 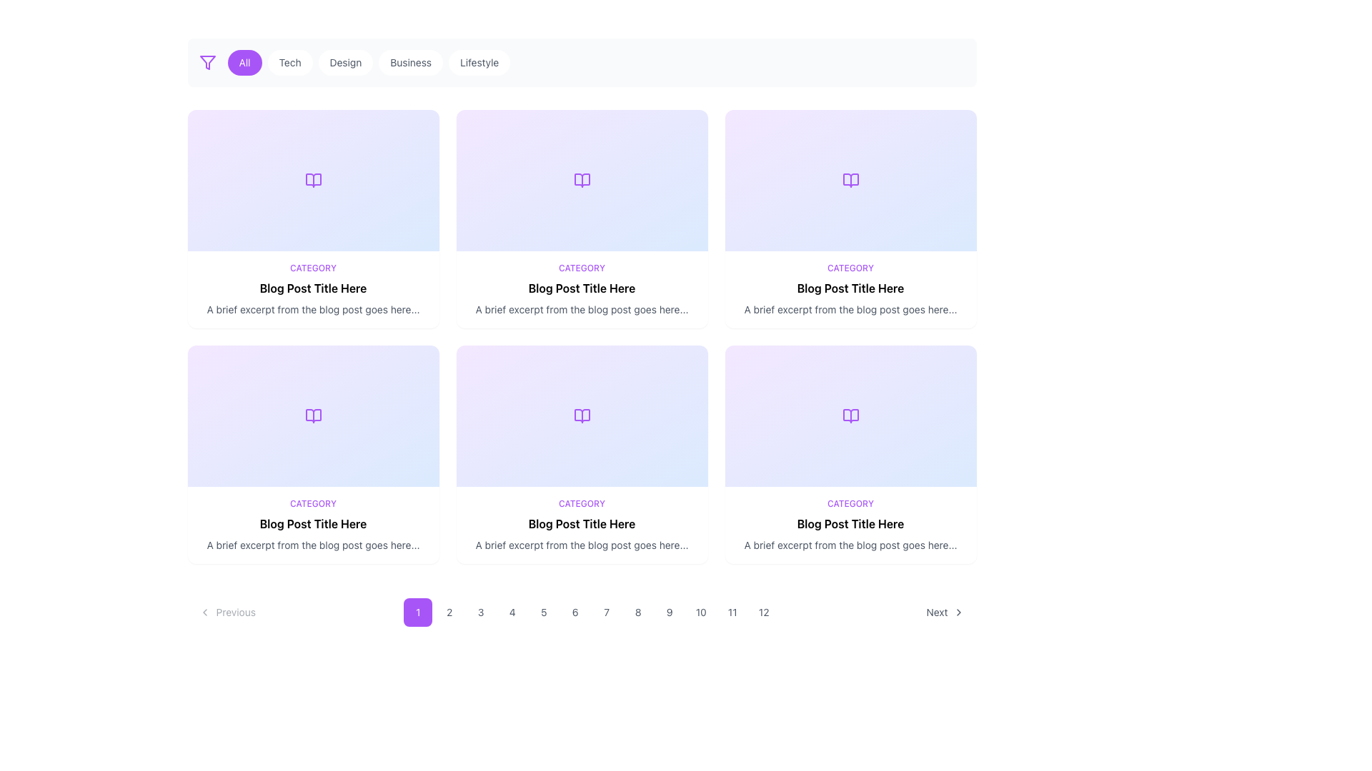 I want to click on categorical text label positioned above the title 'Blog Post Title Here' in the card layout, so click(x=582, y=268).